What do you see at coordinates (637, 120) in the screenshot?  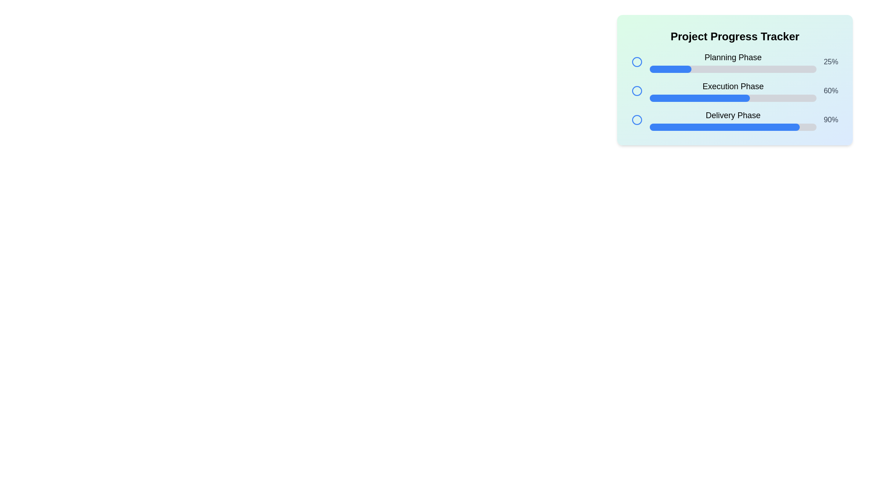 I see `the third circular graphical icon with a blue outline in the 'Project Progress Tracker', which represents the 'Delivery Phase'` at bounding box center [637, 120].